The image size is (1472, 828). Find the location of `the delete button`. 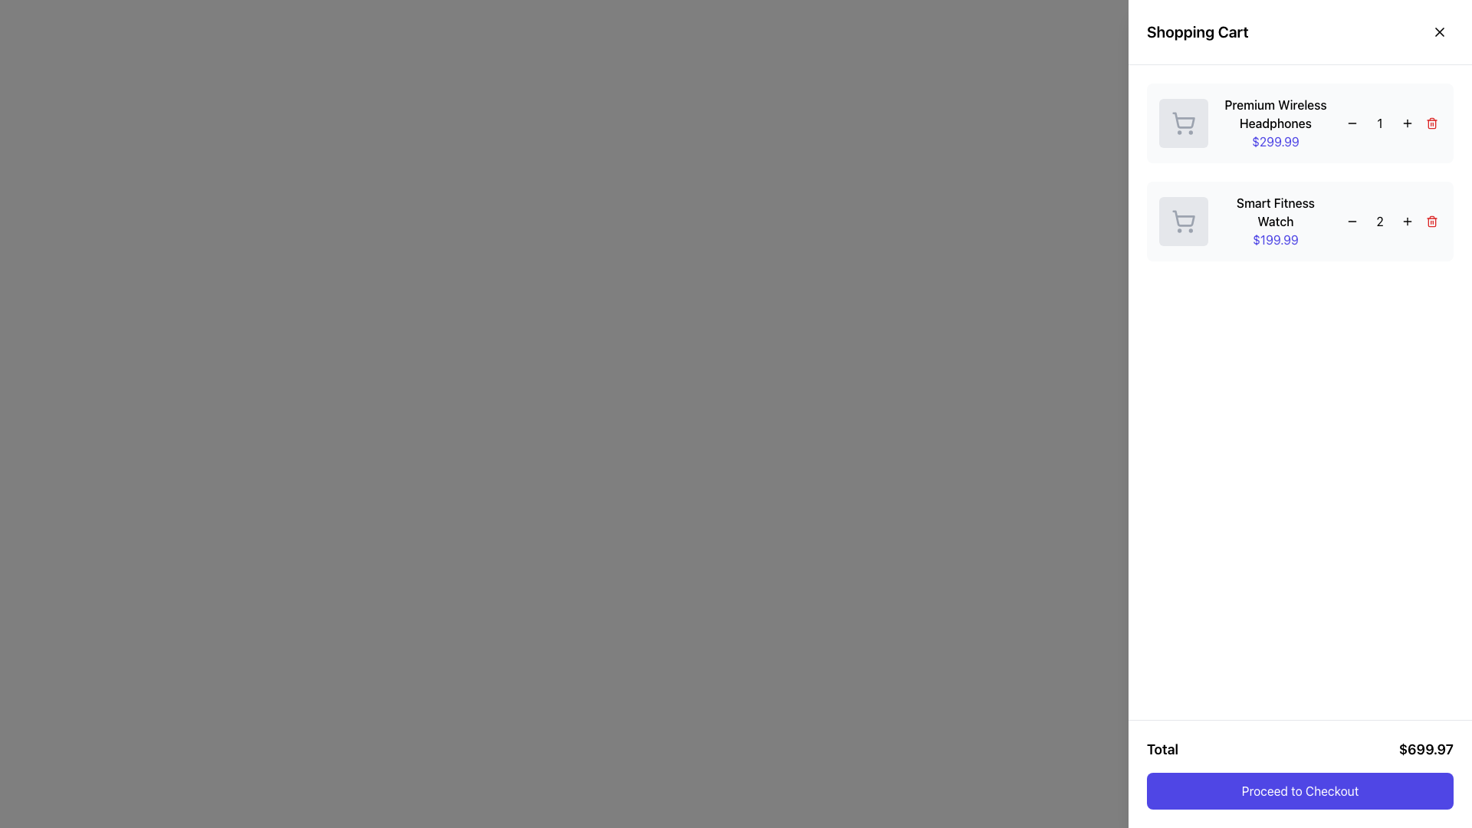

the delete button is located at coordinates (1431, 222).